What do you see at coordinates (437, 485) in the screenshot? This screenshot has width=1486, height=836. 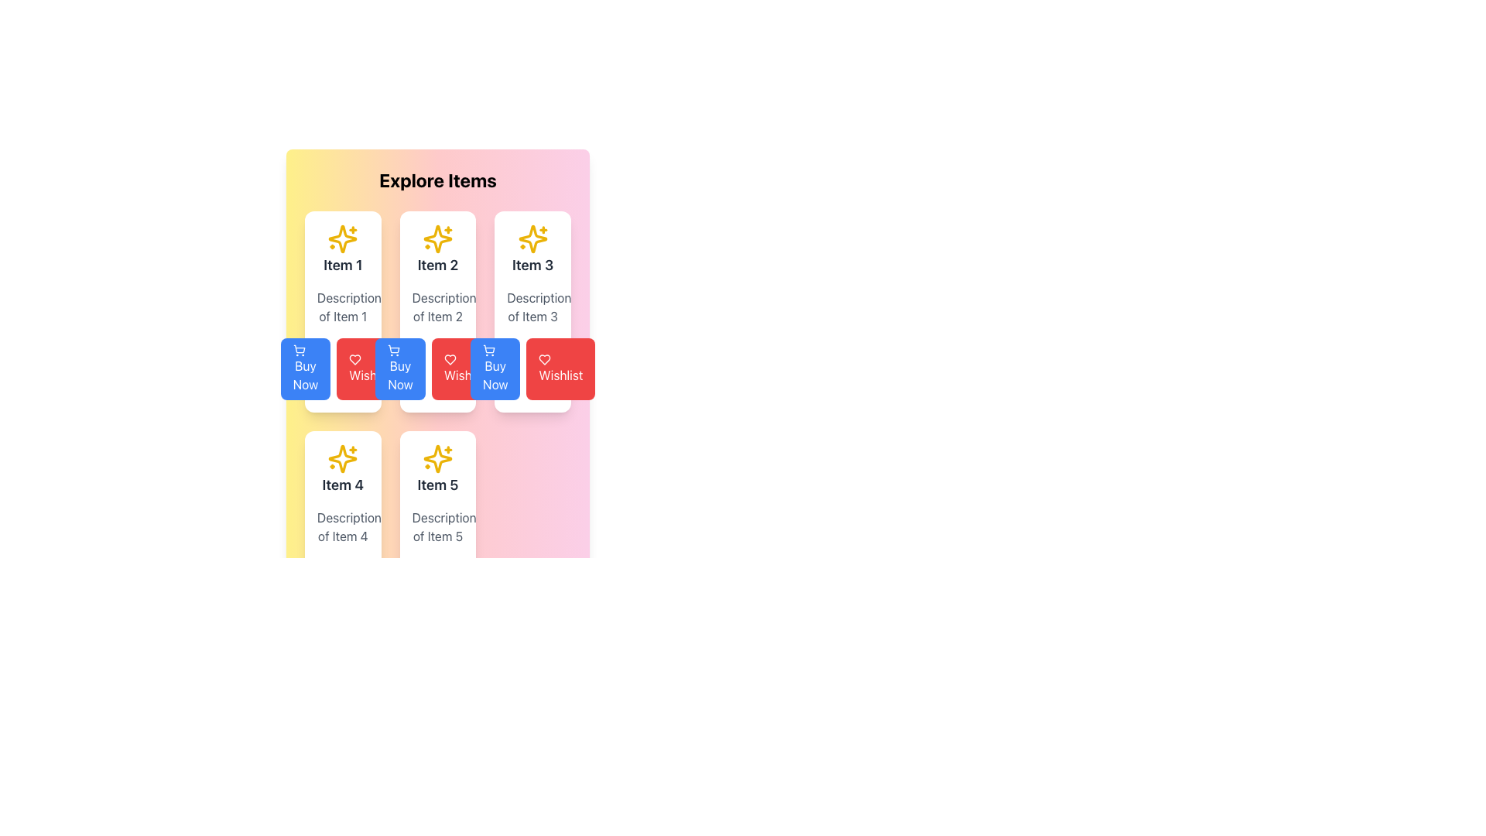 I see `the text label identified as 'Item 5', located at the bottom of the card in the second row, second column of the grid layout` at bounding box center [437, 485].